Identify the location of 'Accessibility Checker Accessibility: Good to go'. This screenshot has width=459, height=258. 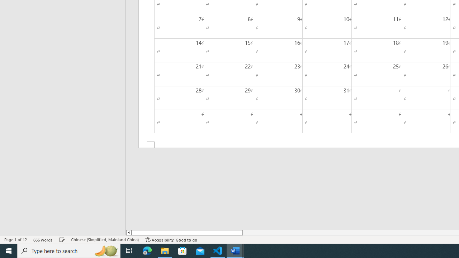
(171, 240).